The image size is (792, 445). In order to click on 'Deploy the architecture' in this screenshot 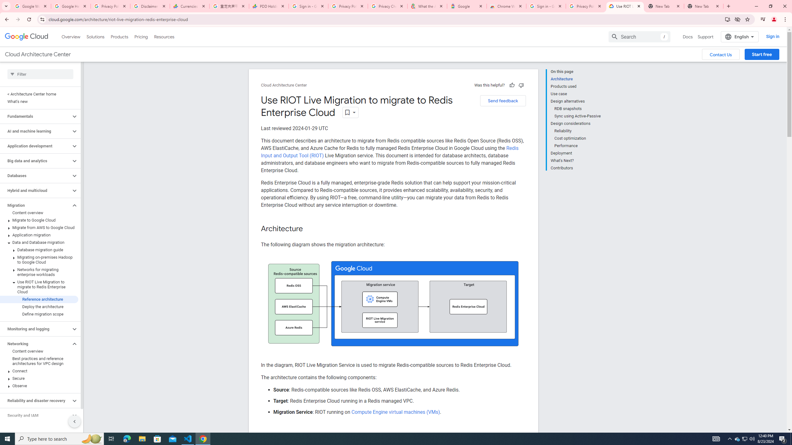, I will do `click(39, 306)`.